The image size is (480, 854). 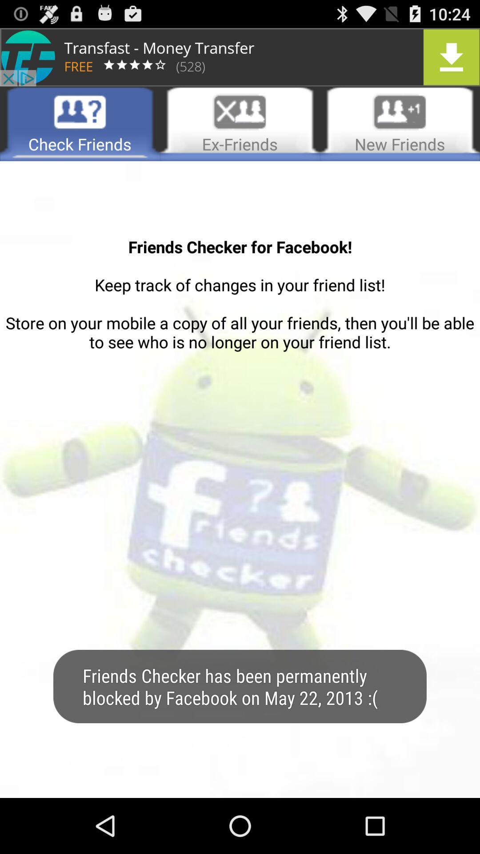 I want to click on advertising link, so click(x=240, y=56).